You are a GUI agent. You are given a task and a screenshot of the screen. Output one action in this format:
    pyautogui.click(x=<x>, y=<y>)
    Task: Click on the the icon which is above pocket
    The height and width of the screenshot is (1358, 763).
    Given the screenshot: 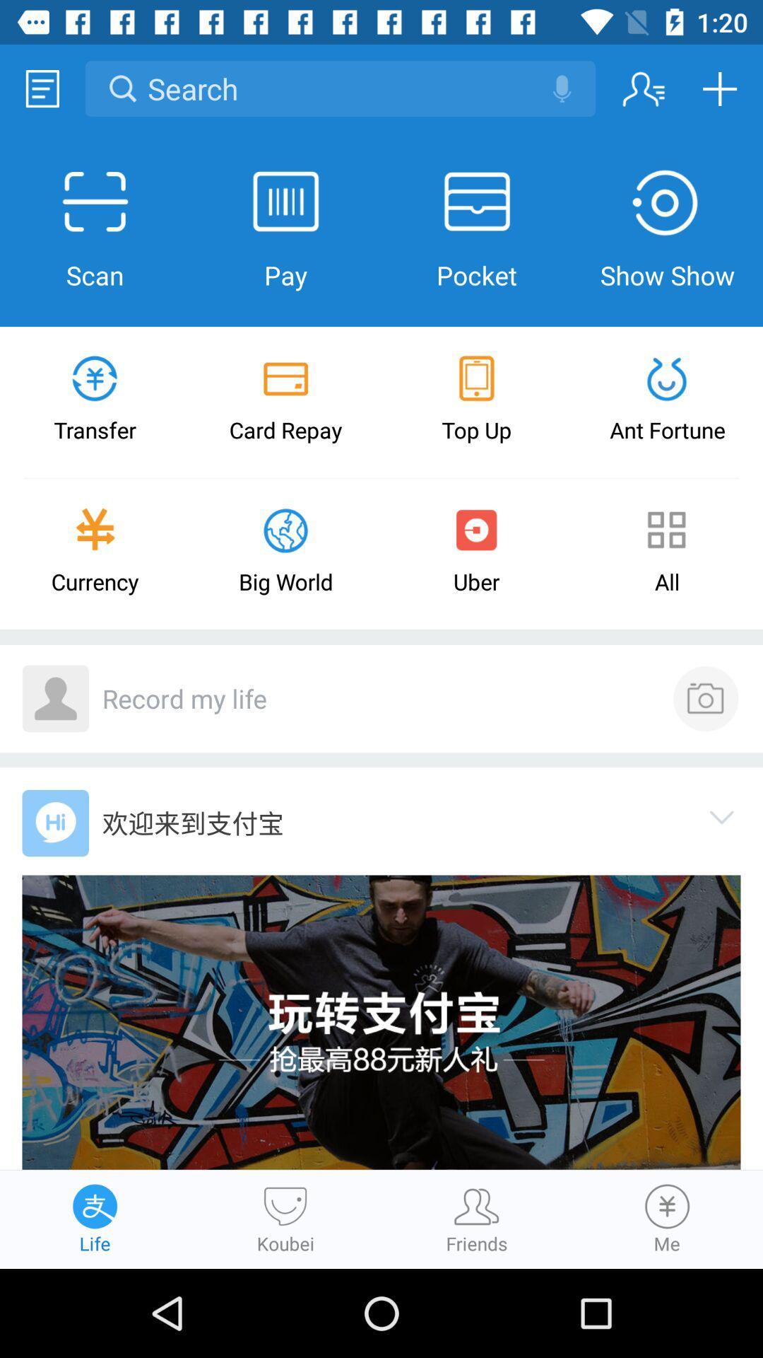 What is the action you would take?
    pyautogui.click(x=477, y=202)
    